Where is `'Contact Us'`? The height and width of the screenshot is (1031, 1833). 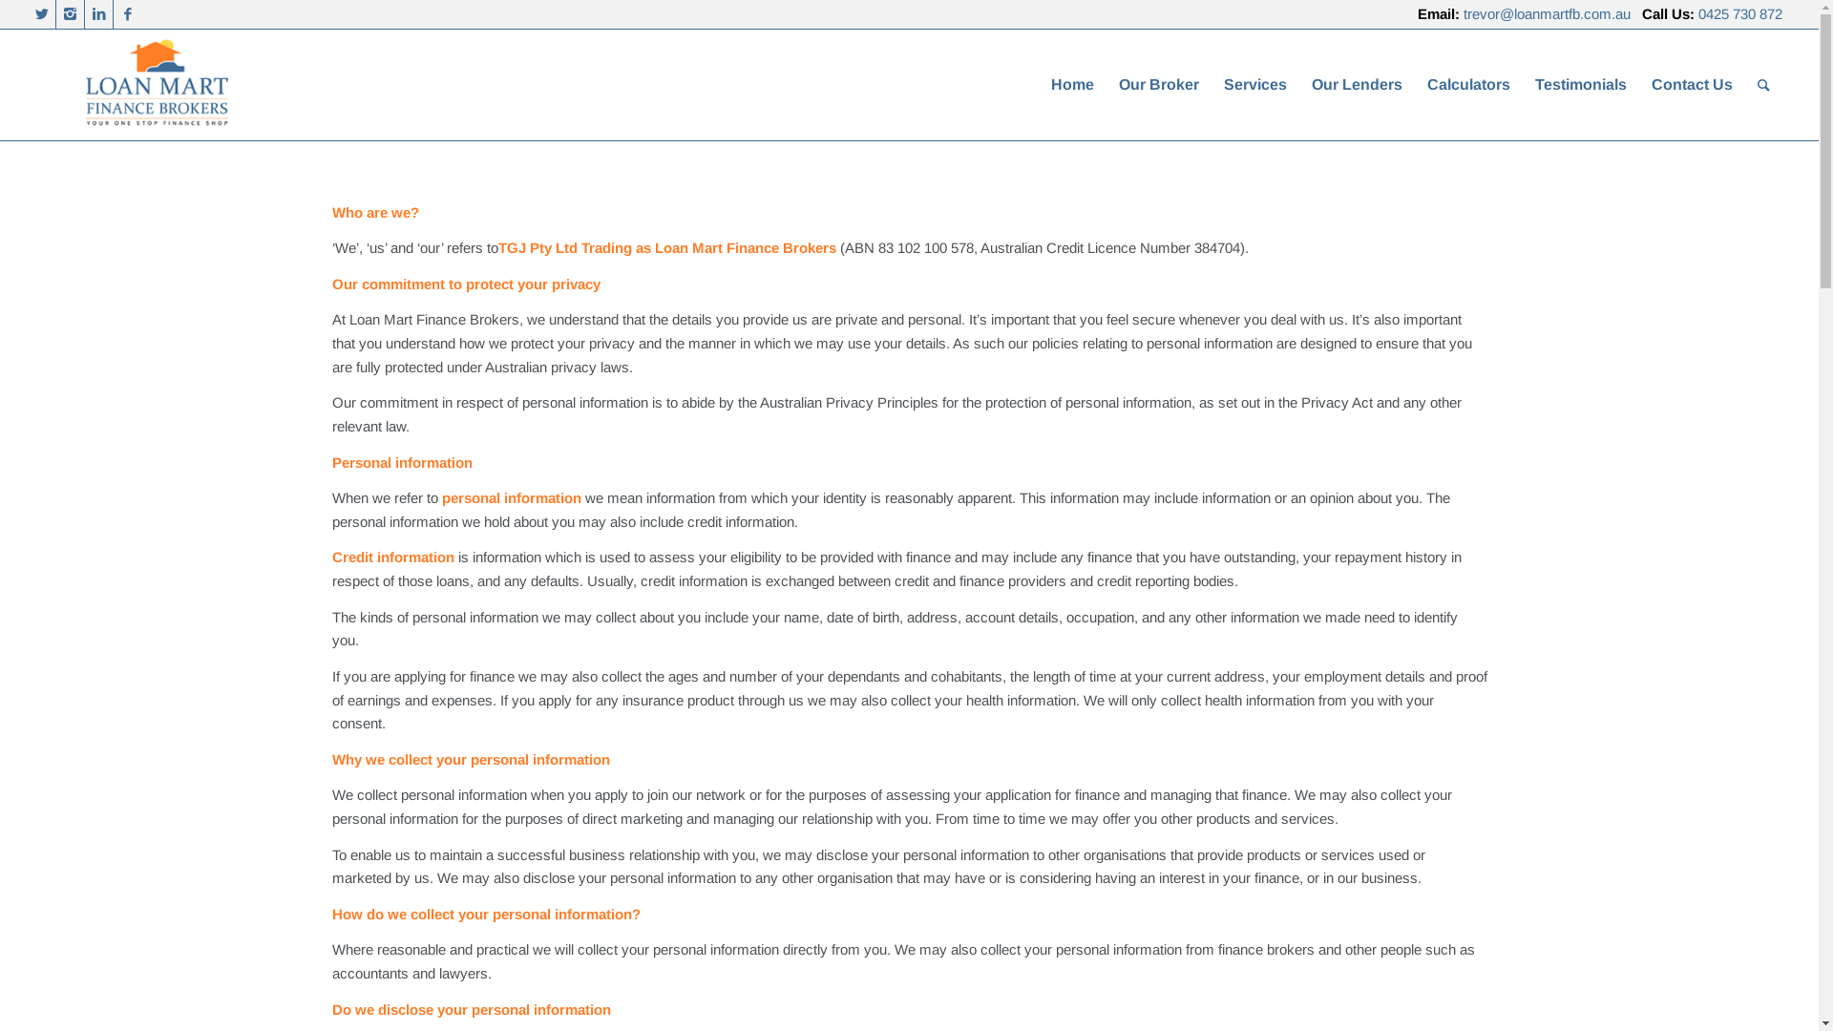 'Contact Us' is located at coordinates (1692, 83).